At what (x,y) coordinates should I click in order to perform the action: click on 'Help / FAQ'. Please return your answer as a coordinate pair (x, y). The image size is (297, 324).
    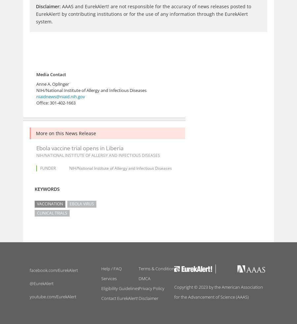
    Looking at the image, I should click on (101, 268).